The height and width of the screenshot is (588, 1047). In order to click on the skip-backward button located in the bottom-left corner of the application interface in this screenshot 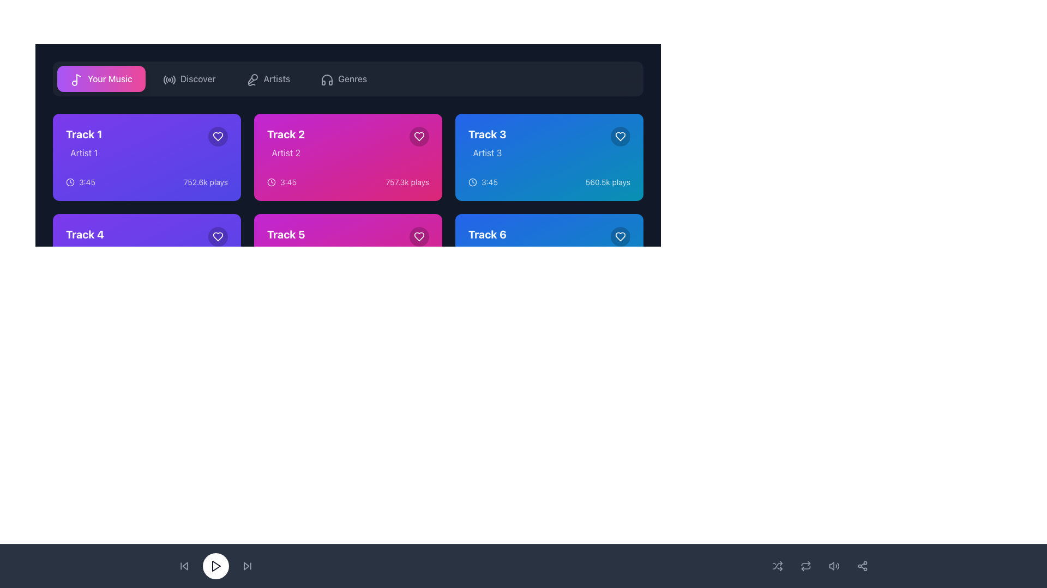, I will do `click(184, 566)`.